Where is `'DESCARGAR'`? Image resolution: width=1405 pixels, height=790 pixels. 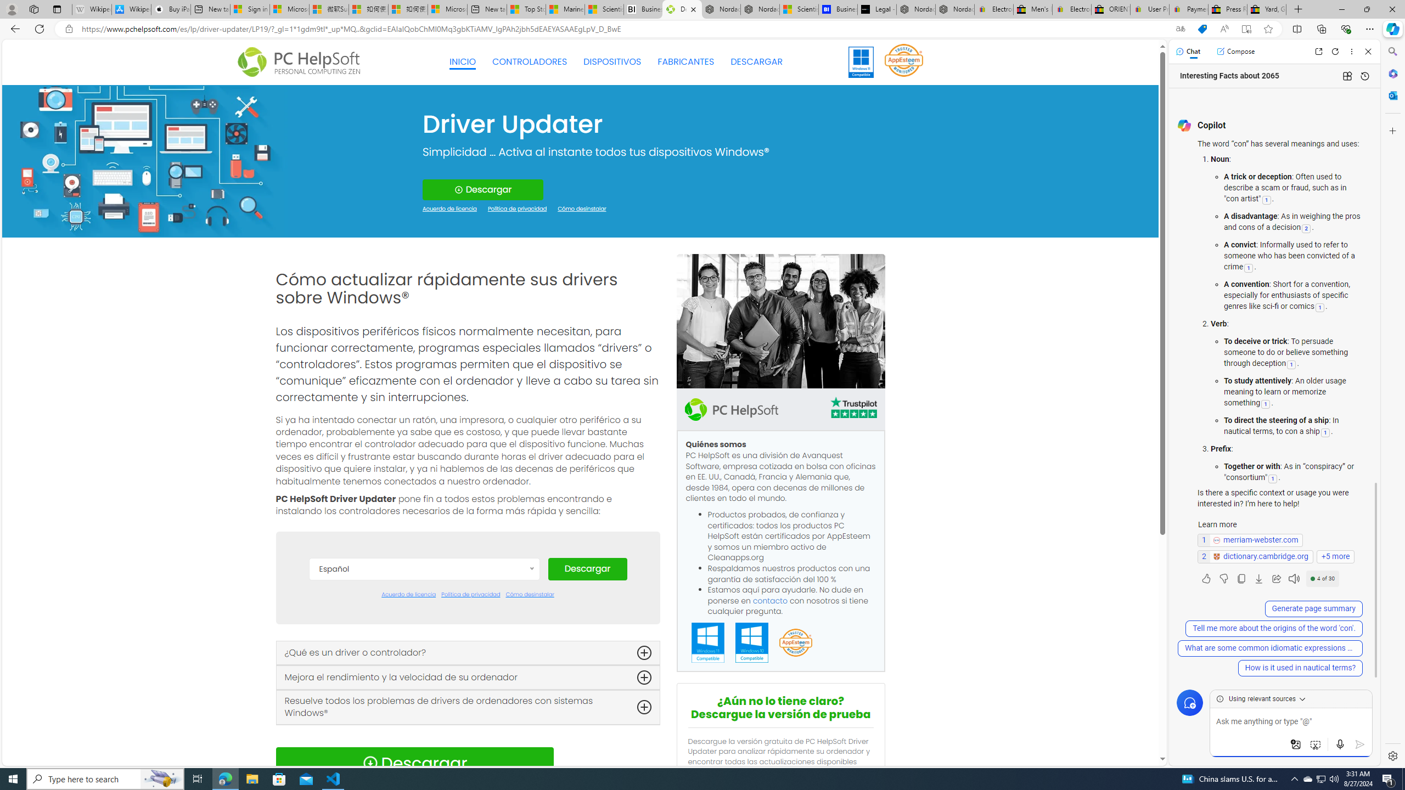 'DESCARGAR' is located at coordinates (756, 61).